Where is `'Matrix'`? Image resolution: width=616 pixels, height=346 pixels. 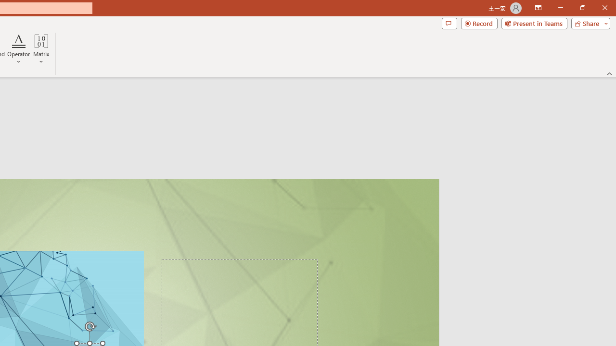
'Matrix' is located at coordinates (41, 49).